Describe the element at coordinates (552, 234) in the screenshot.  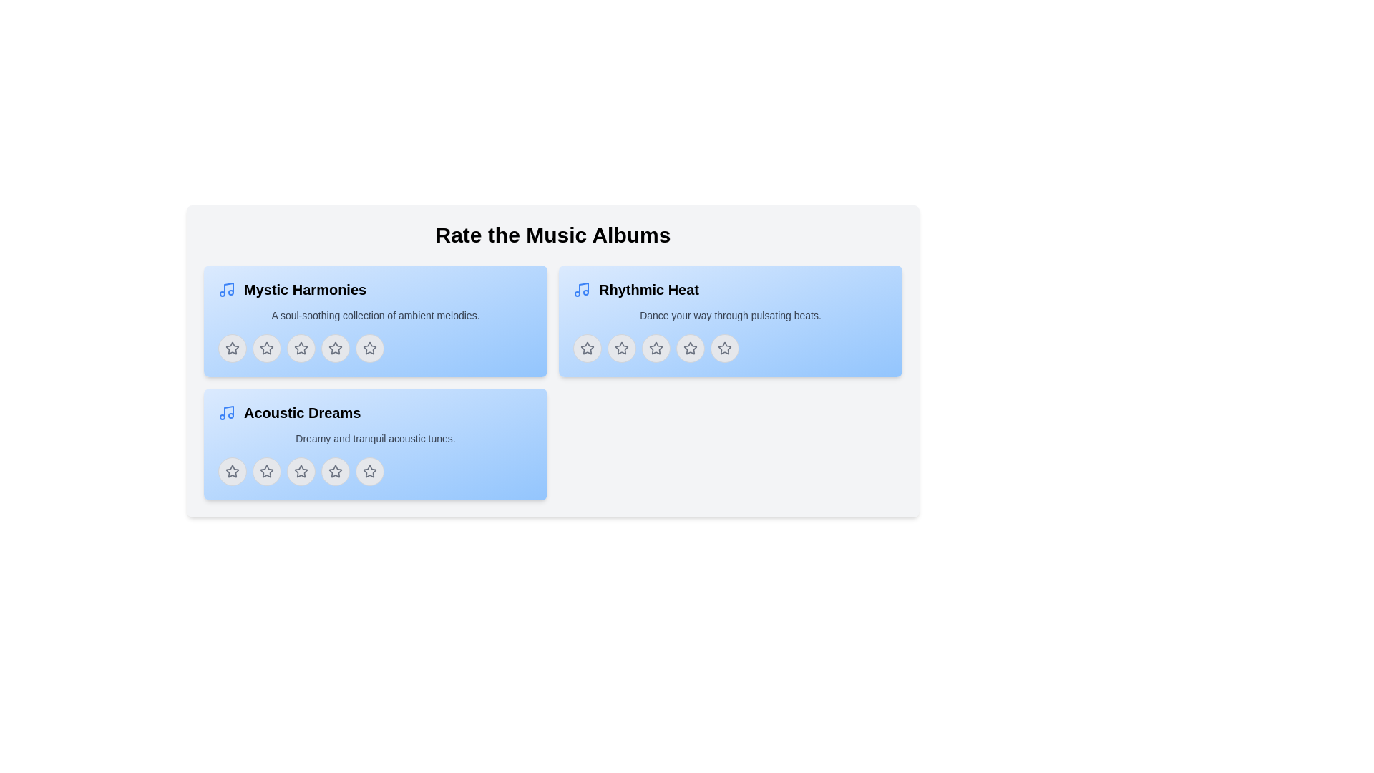
I see `heading at the top center of the rating section to understand the page purpose` at that location.